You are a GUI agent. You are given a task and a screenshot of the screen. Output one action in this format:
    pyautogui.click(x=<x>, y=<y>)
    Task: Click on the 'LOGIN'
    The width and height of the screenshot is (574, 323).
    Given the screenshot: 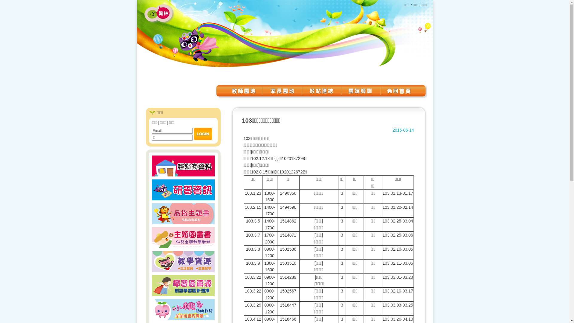 What is the action you would take?
    pyautogui.click(x=203, y=133)
    